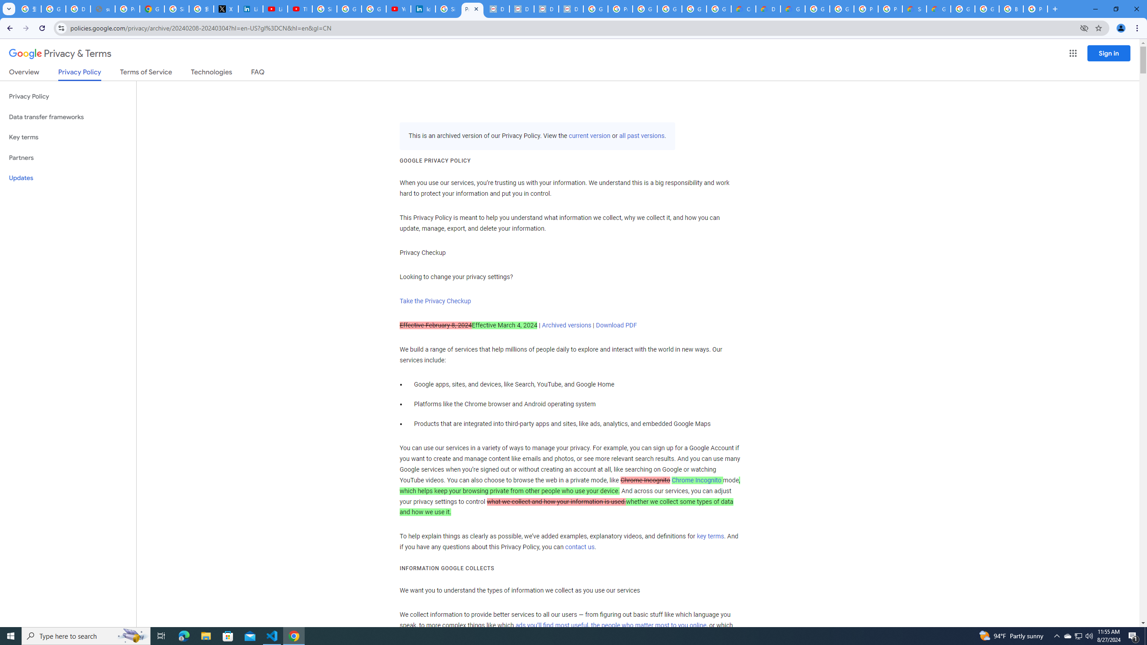 The width and height of the screenshot is (1147, 645). I want to click on 'Sign in - Google Accounts', so click(177, 9).